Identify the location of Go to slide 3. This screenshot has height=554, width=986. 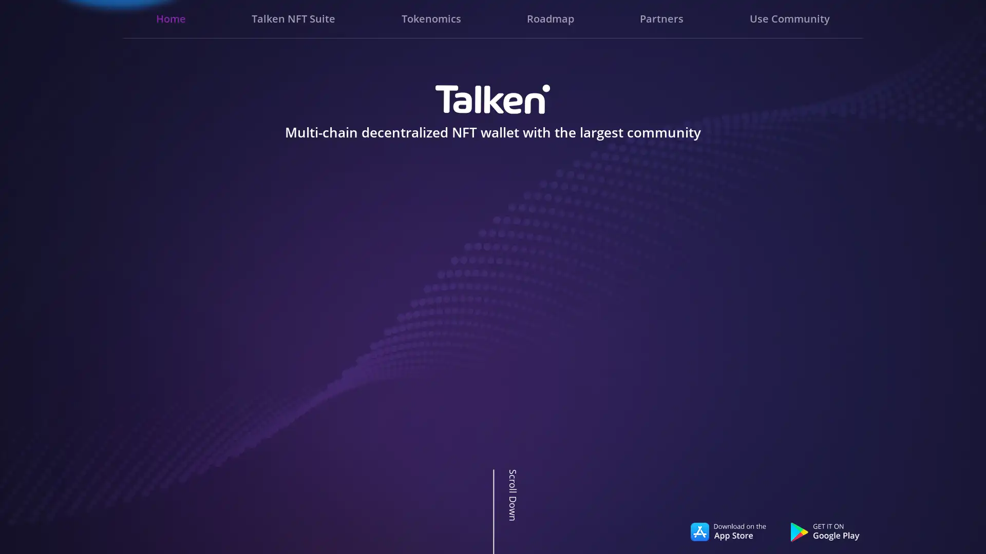
(169, 435).